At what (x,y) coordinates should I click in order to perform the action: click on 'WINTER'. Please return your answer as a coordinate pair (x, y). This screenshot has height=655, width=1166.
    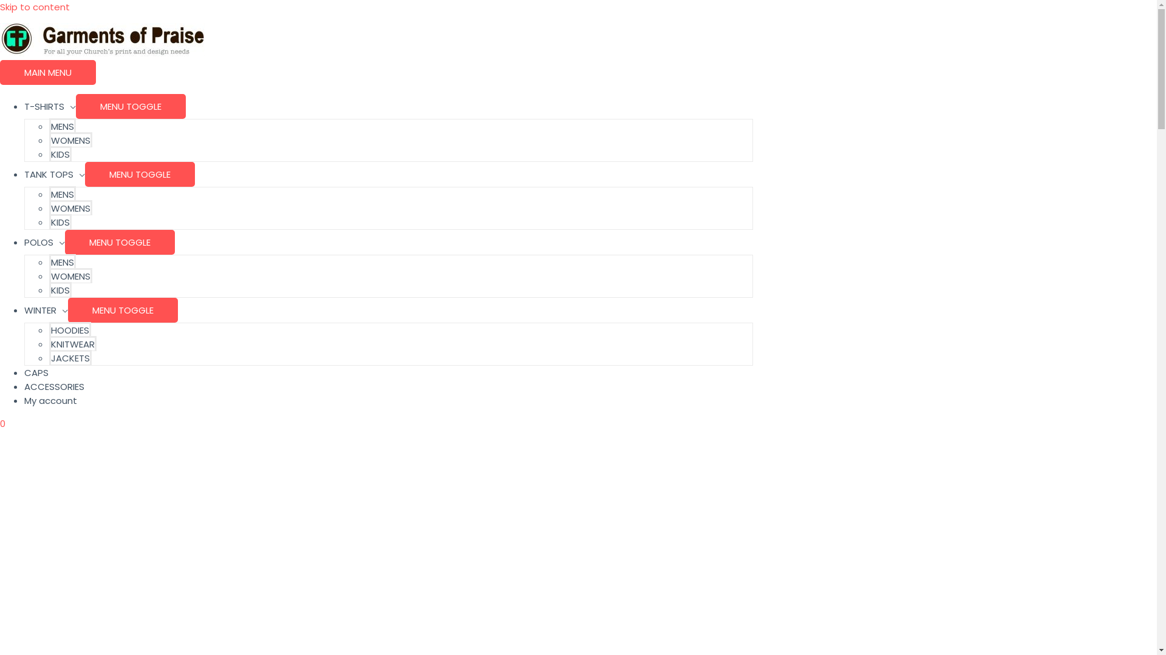
    Looking at the image, I should click on (46, 309).